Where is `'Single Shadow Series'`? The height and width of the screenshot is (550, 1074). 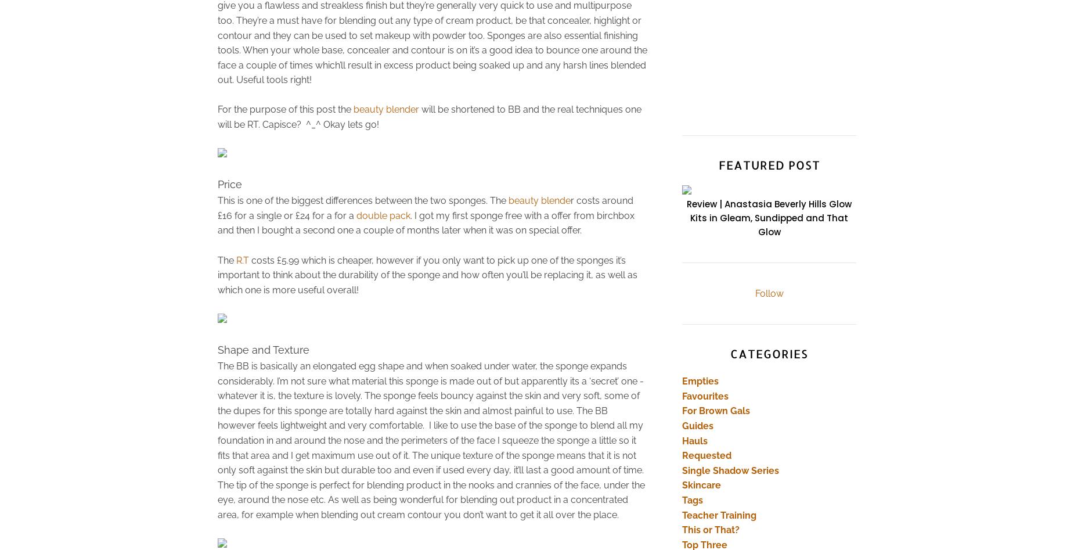
'Single Shadow Series' is located at coordinates (730, 470).